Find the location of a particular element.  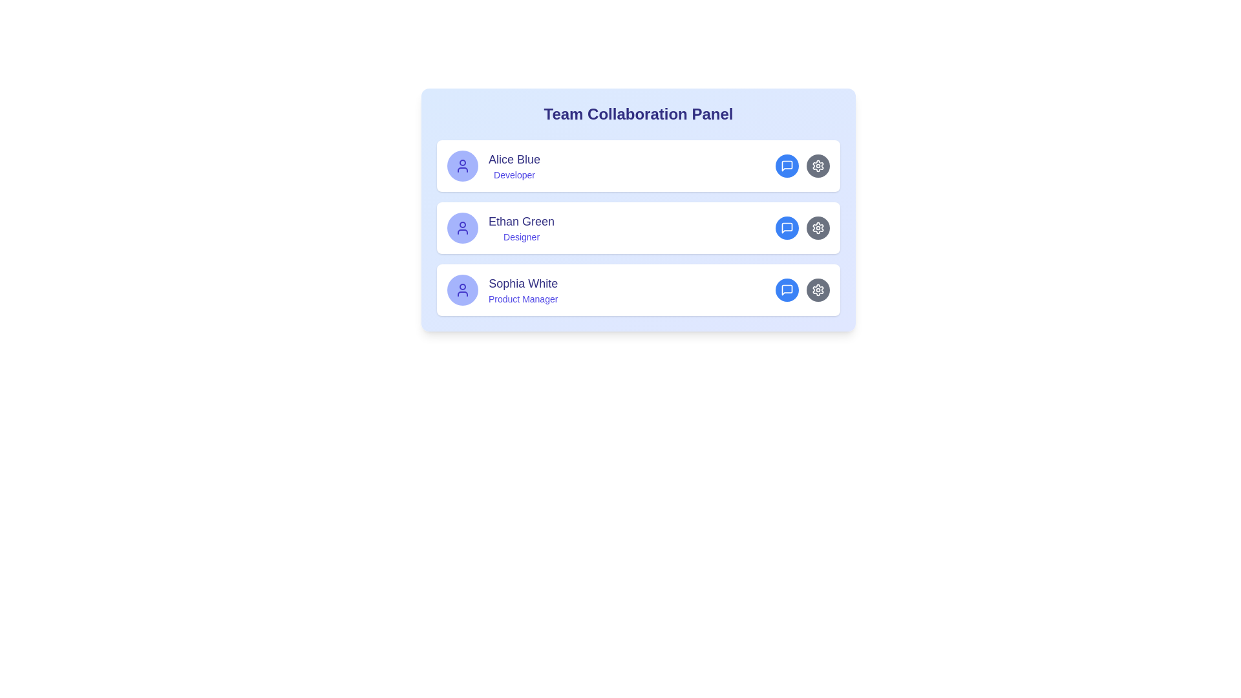

the text label displaying the name 'Ethan Green', which is prominently featured in a large, bold, indigo font within the Team Collaboration Panel is located at coordinates (521, 221).